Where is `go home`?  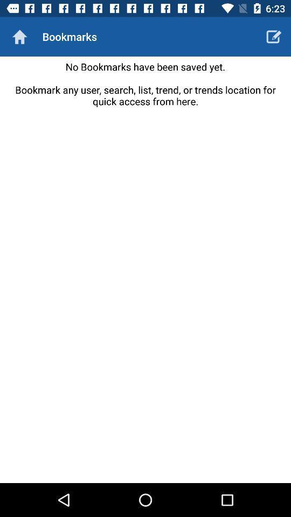 go home is located at coordinates (19, 37).